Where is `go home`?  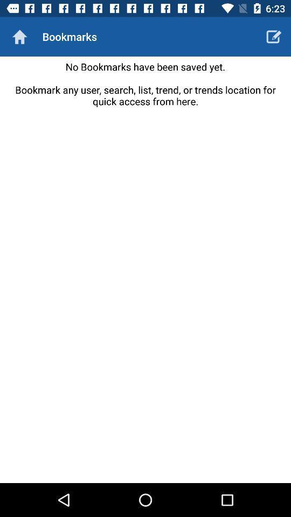 go home is located at coordinates (19, 37).